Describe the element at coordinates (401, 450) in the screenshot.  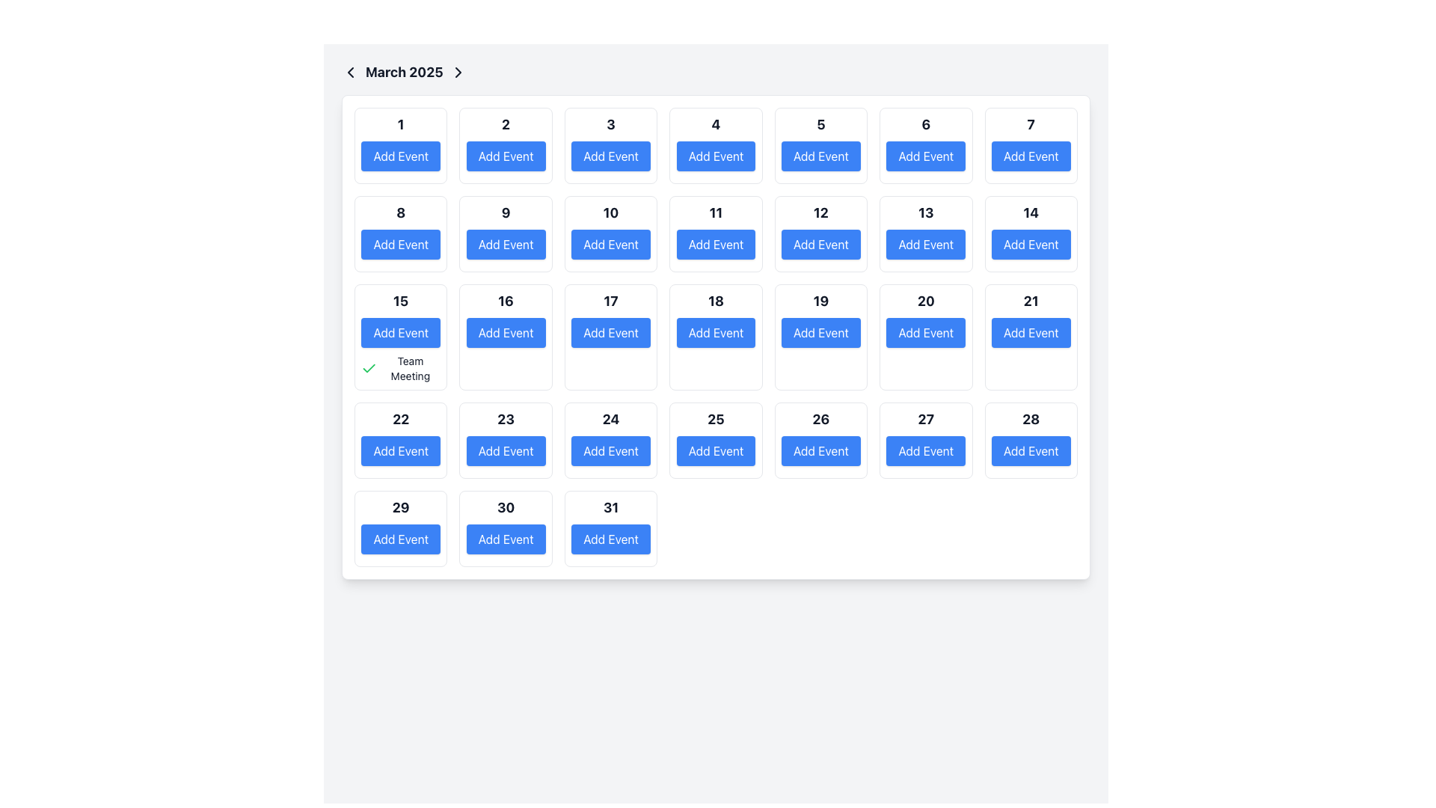
I see `the 'Add Event' button located under the date '22' in the calendar interface` at that location.